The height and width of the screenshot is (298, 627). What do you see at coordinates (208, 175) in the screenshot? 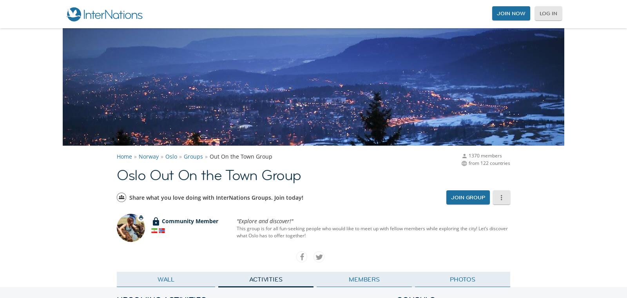
I see `'Oslo Out On the Town Group'` at bounding box center [208, 175].